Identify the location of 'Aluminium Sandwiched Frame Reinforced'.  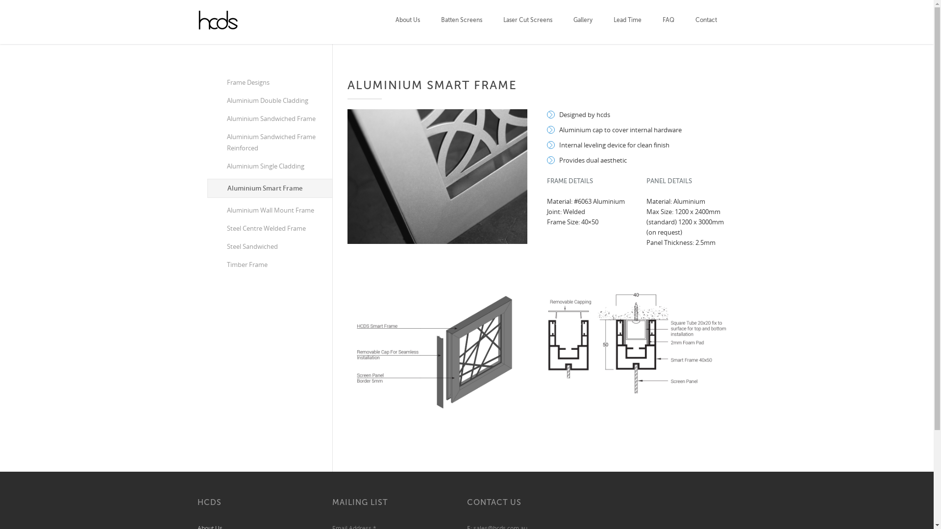
(269, 142).